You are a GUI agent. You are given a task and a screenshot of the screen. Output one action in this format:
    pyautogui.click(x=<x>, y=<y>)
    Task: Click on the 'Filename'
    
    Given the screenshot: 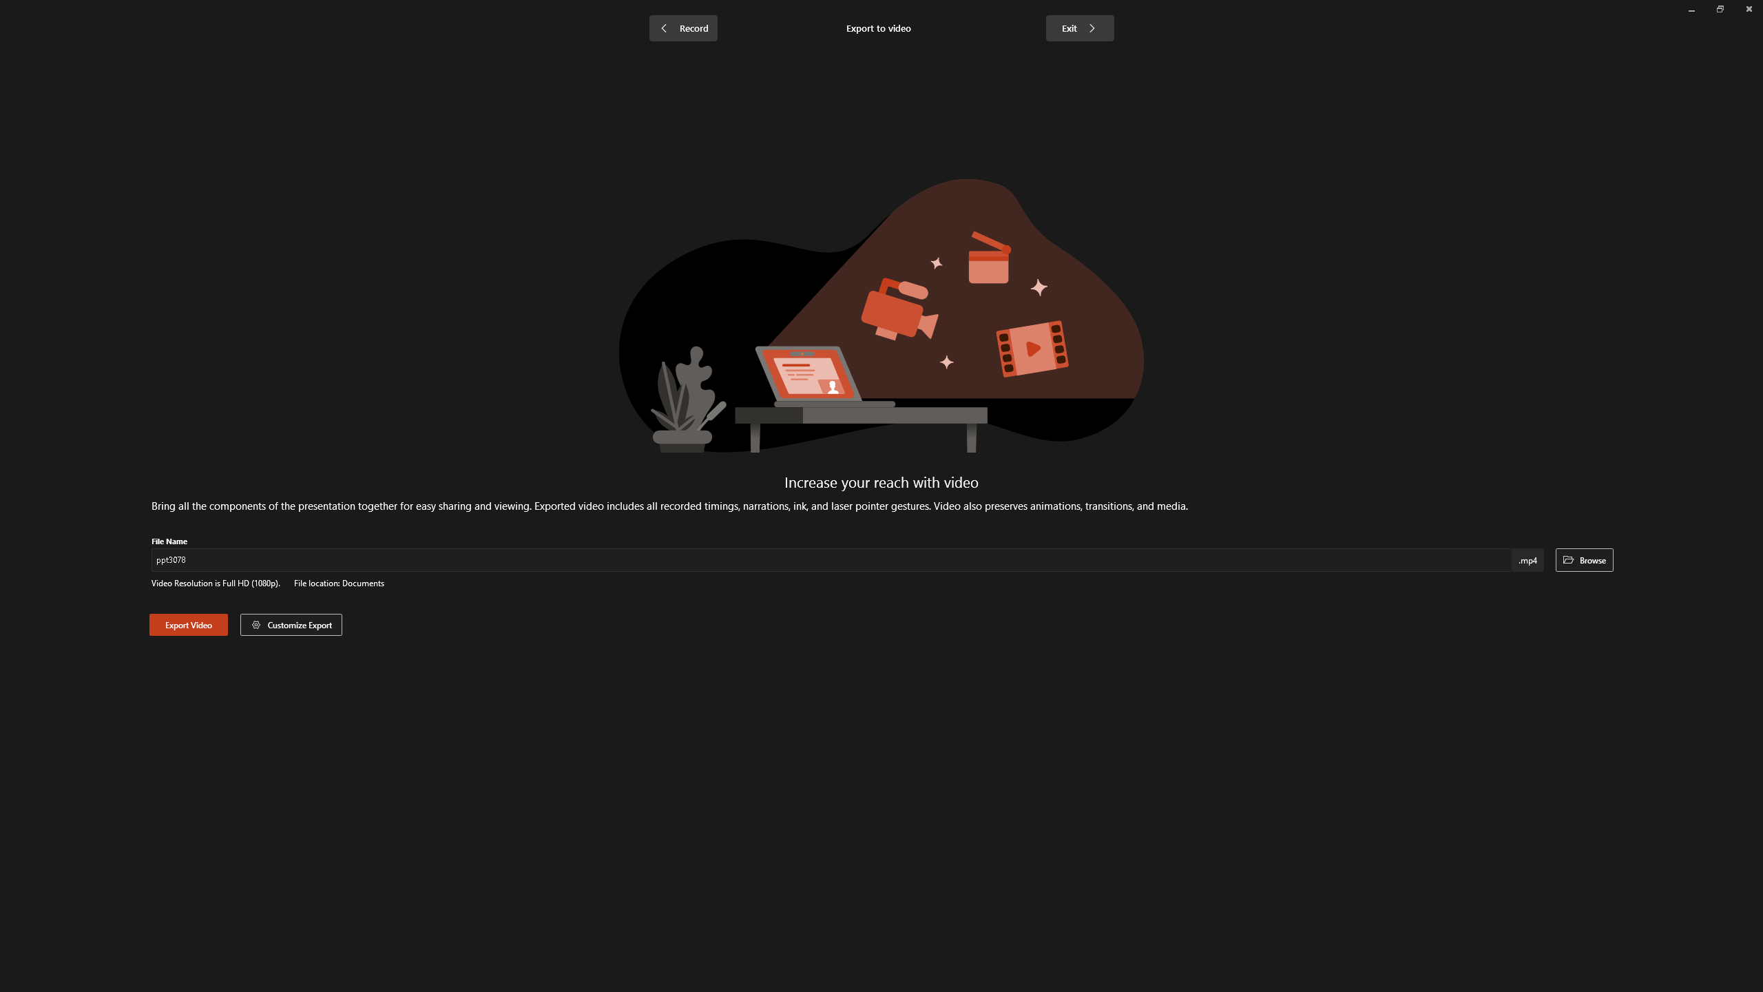 What is the action you would take?
    pyautogui.click(x=832, y=562)
    